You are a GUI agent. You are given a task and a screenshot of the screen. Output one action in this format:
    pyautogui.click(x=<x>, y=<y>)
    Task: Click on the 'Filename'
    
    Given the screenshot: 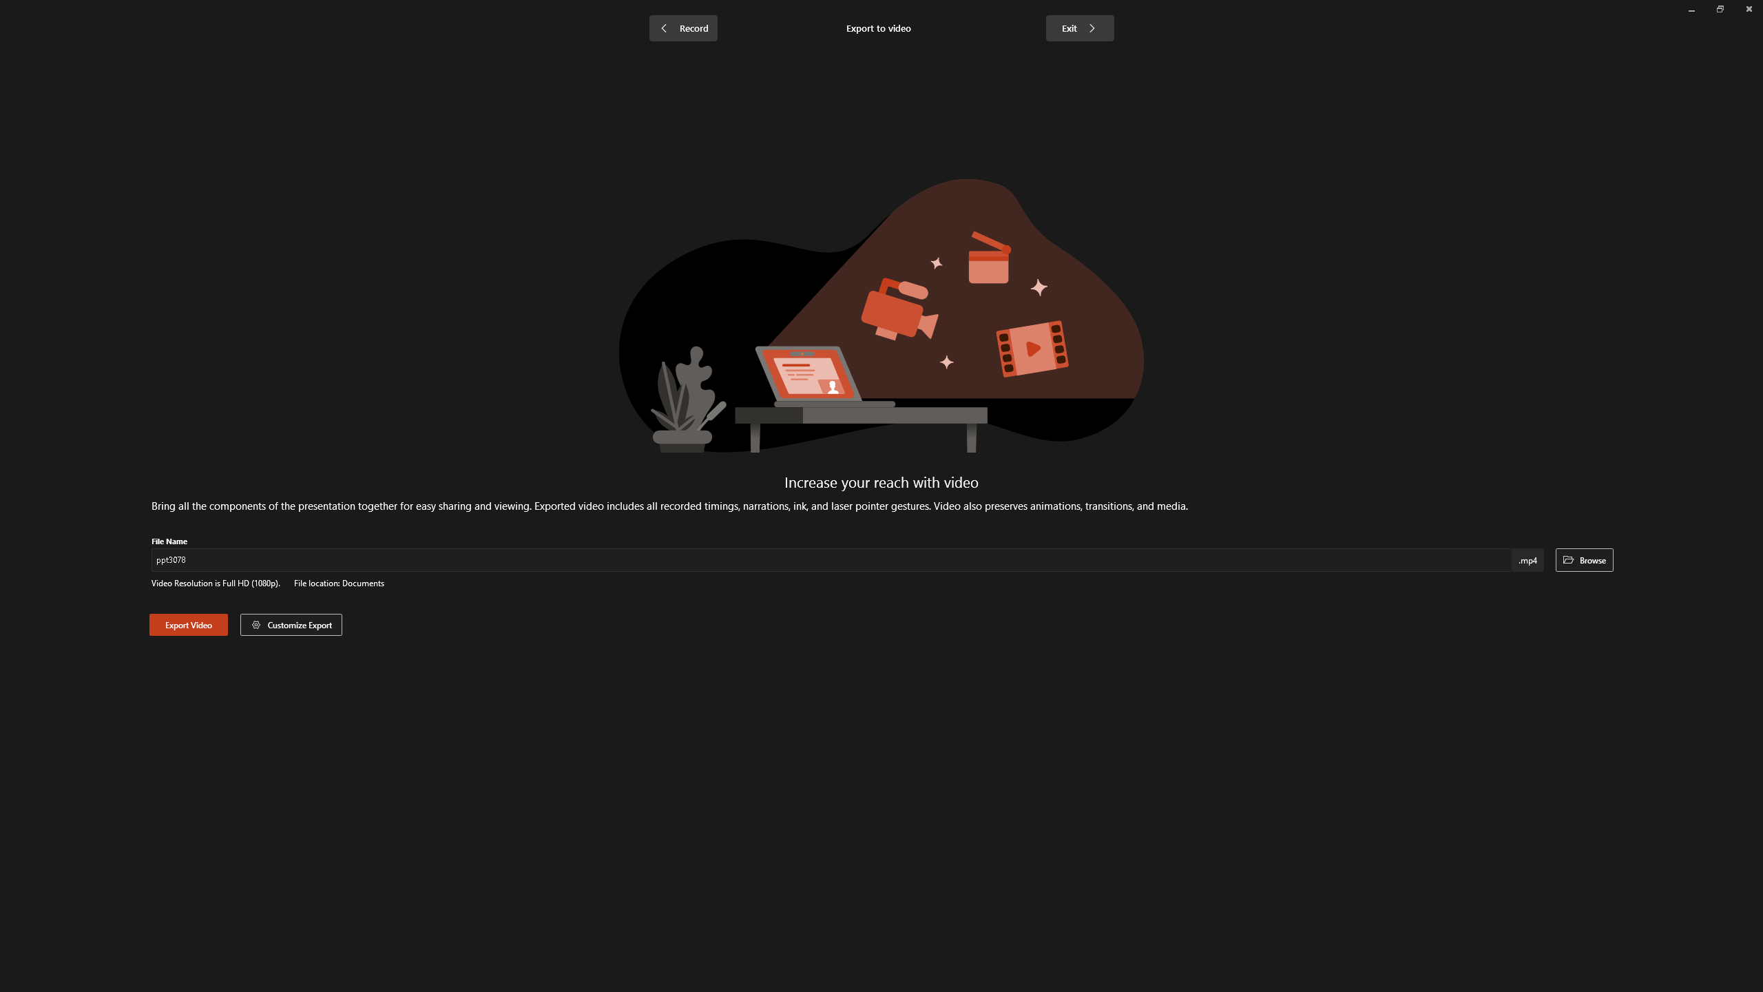 What is the action you would take?
    pyautogui.click(x=832, y=562)
    